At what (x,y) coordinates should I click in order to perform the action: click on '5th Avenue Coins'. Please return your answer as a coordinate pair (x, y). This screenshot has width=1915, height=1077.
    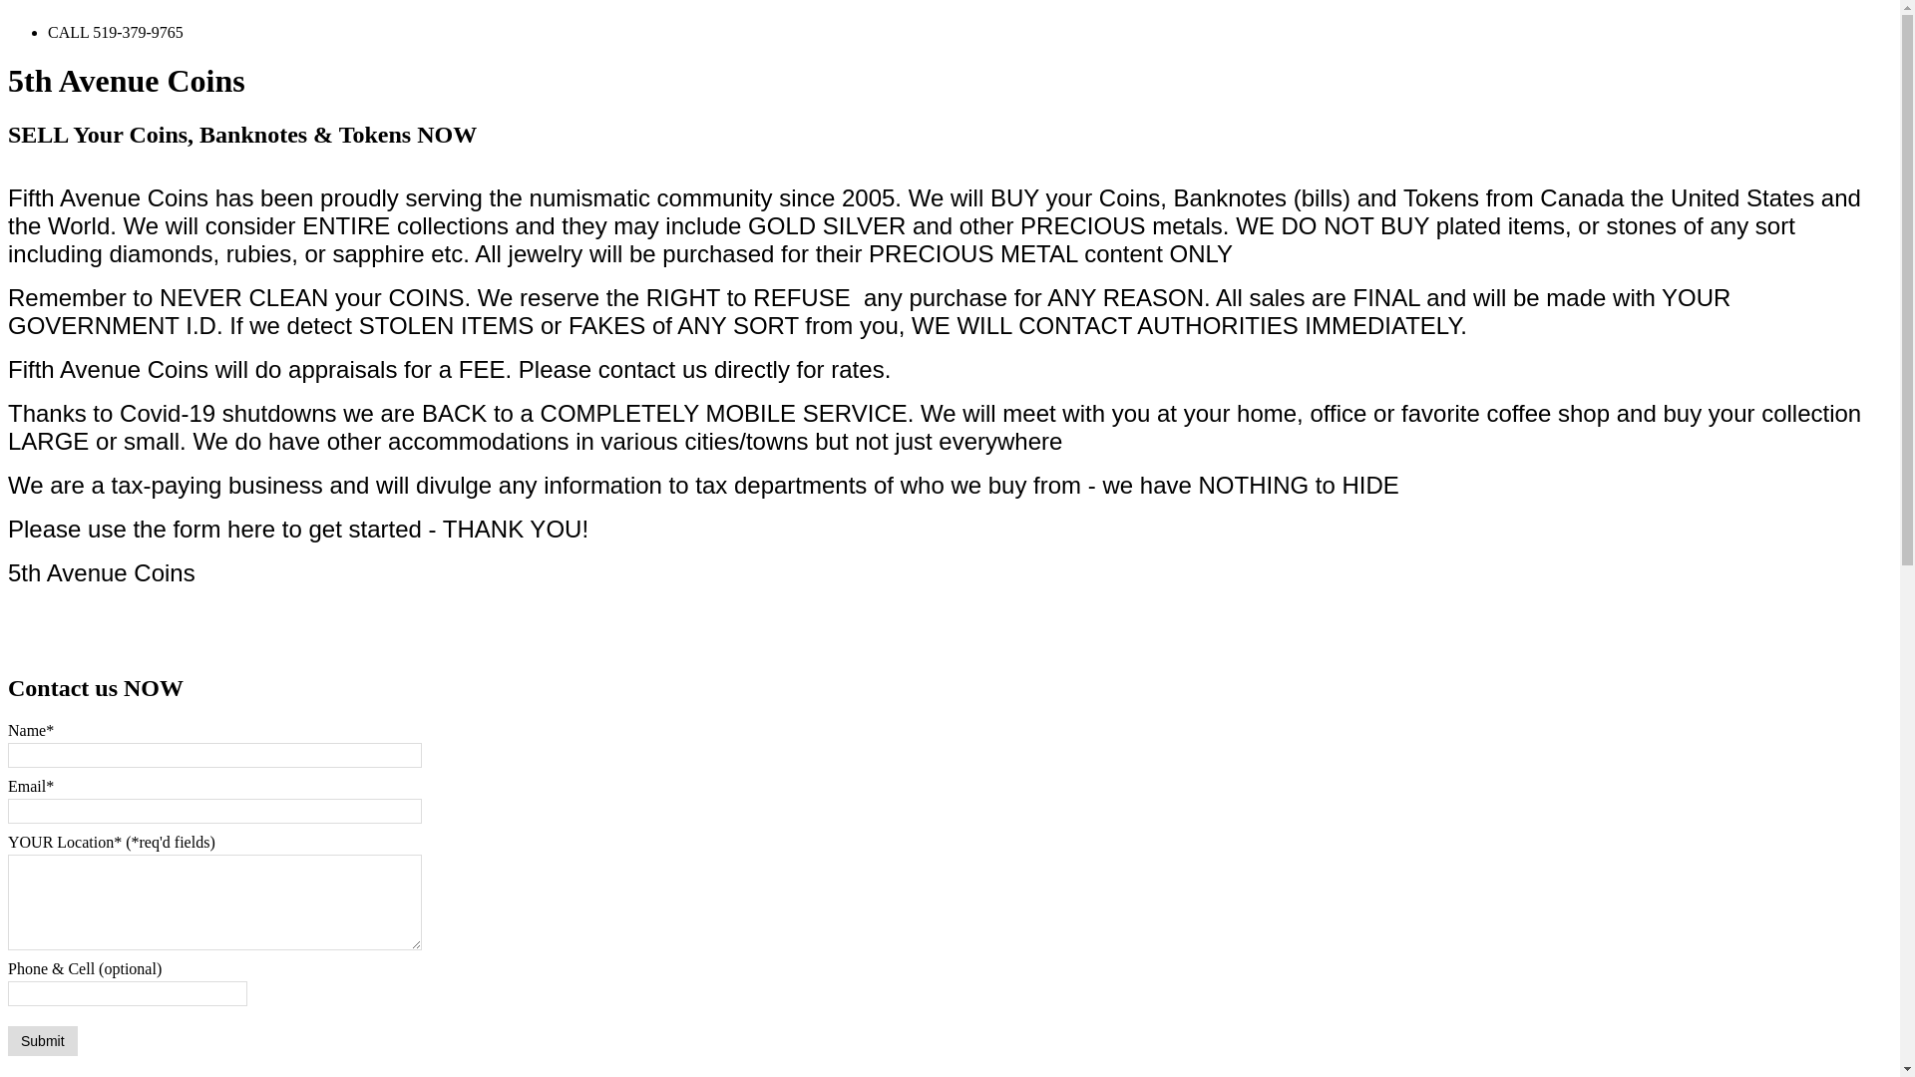
    Looking at the image, I should click on (125, 80).